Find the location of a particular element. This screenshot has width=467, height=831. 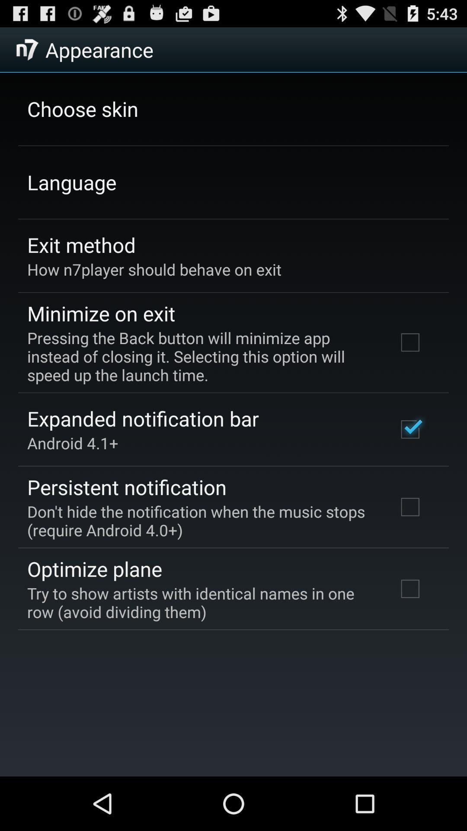

language icon is located at coordinates (71, 182).